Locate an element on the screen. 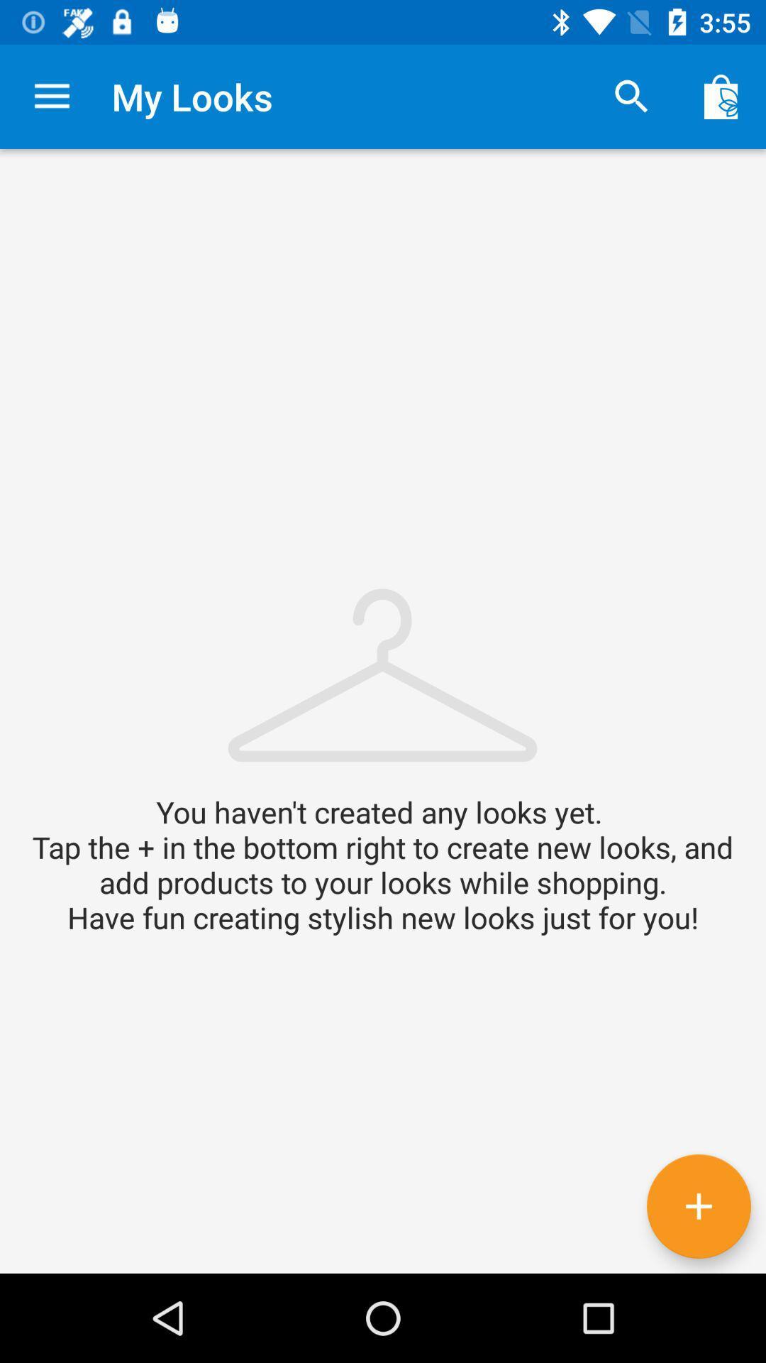  the icon below the you haven t icon is located at coordinates (698, 1205).